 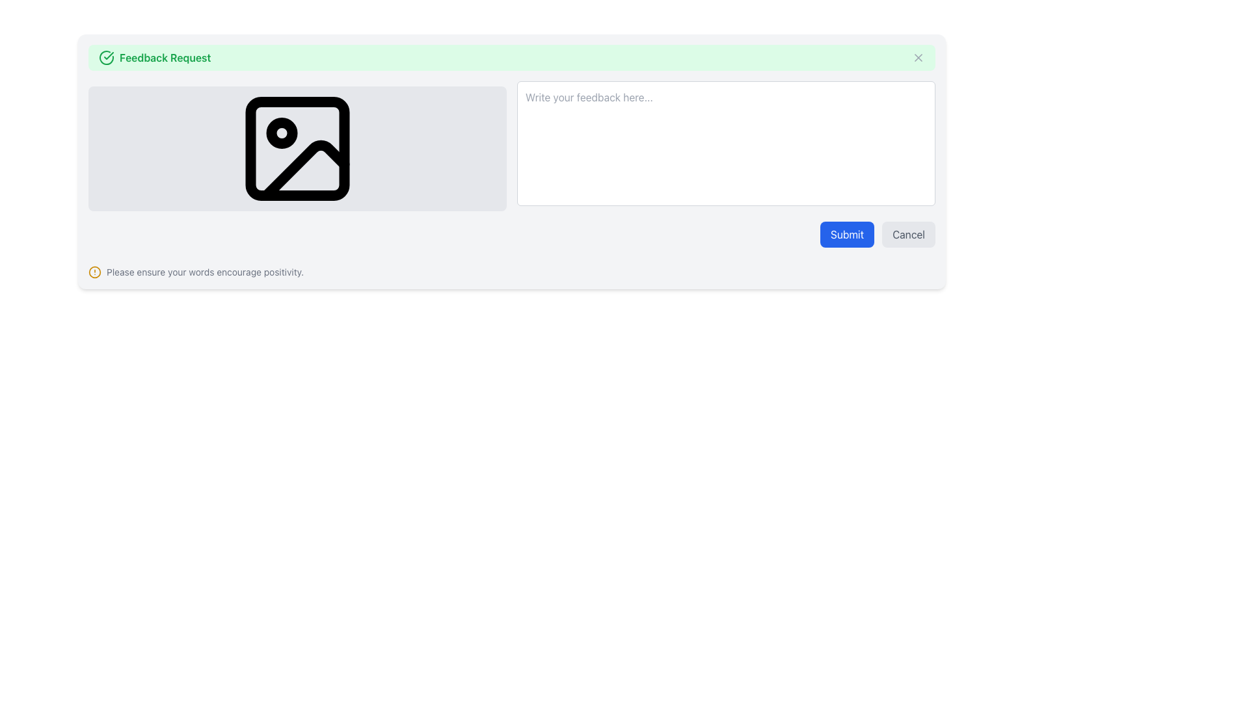 What do you see at coordinates (917, 57) in the screenshot?
I see `the small square icon with an 'X' shape, located at the top-right corner of the green notification bar titled 'Feedback Request'` at bounding box center [917, 57].